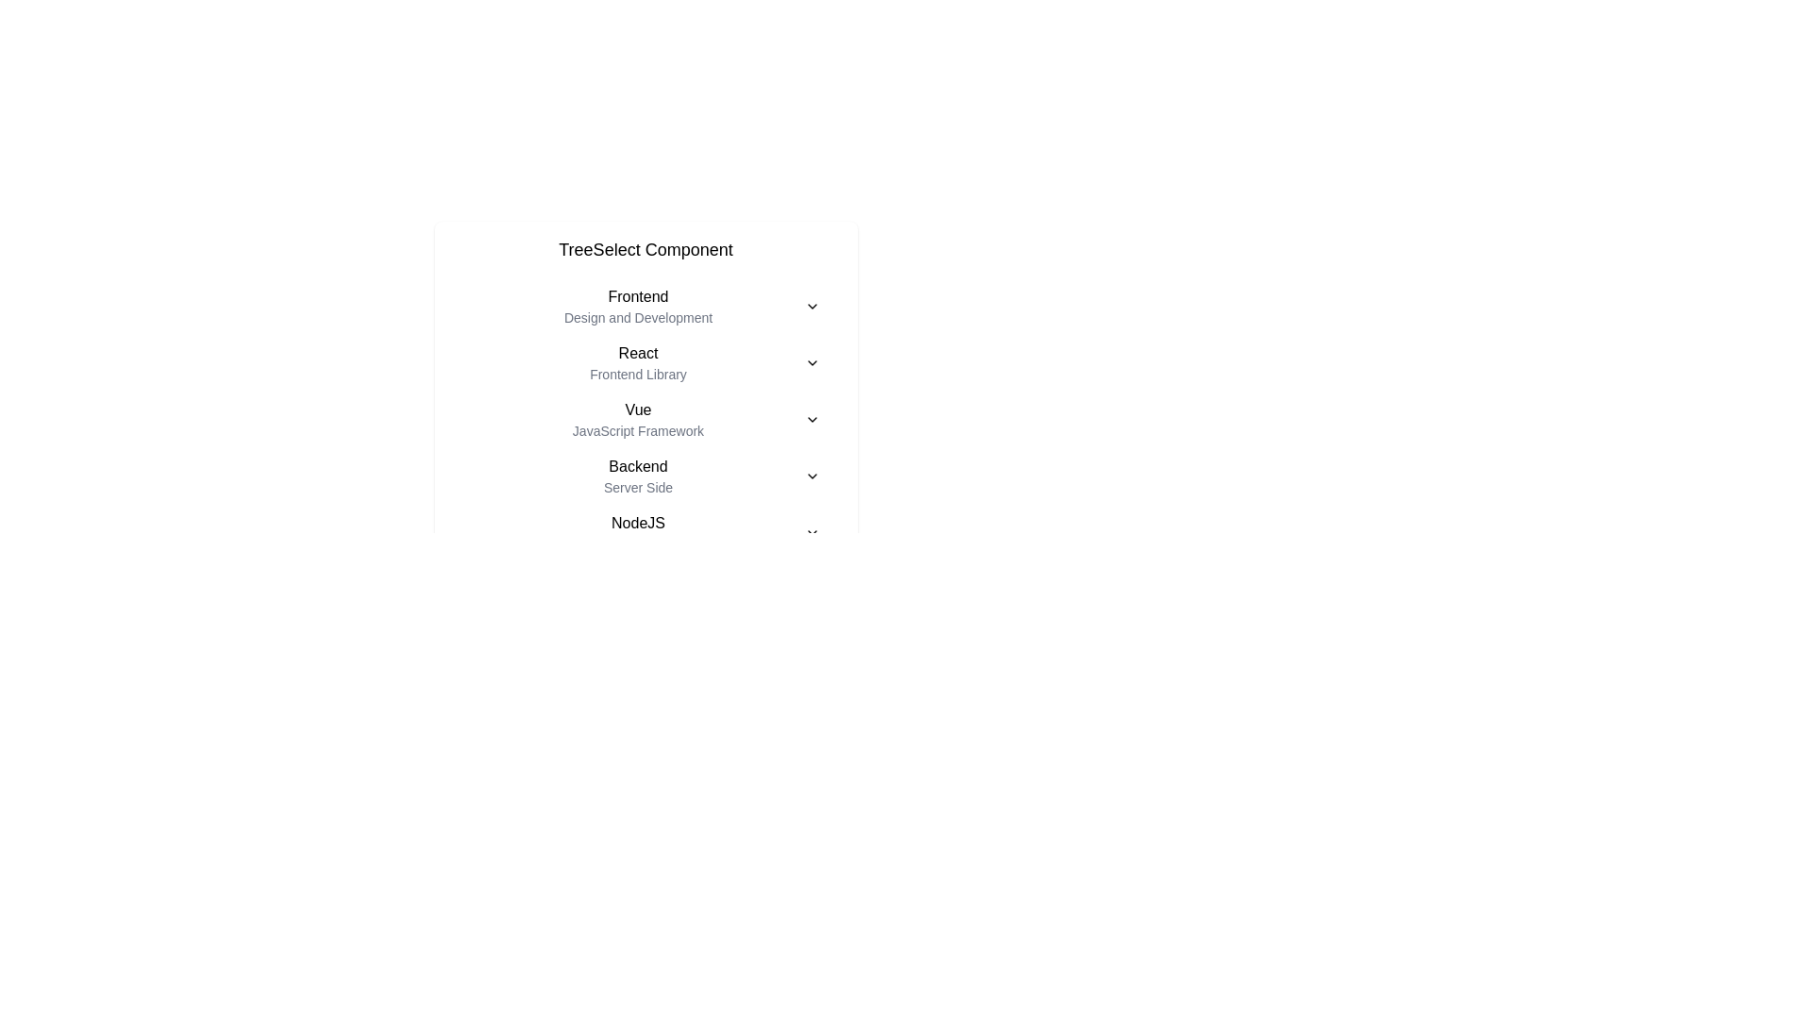  I want to click on the downward-pointing chevron icon next to the 'NodeJS' label, so click(812, 532).